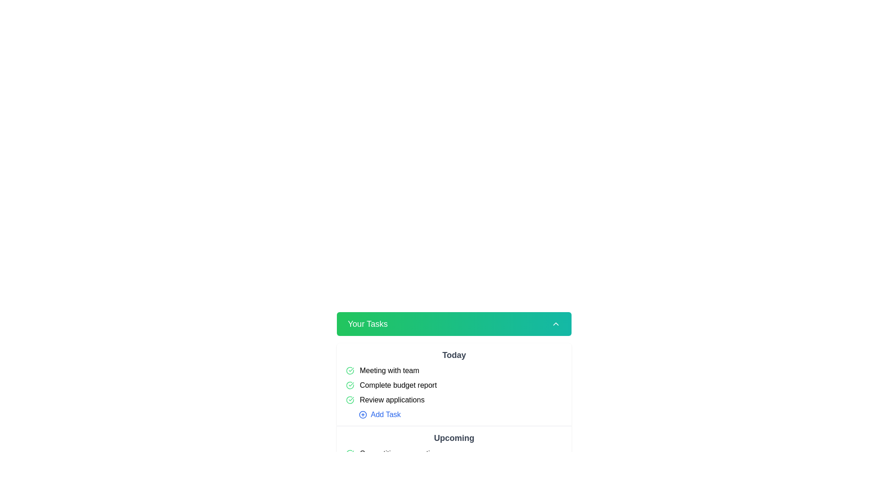 This screenshot has width=880, height=495. Describe the element at coordinates (454, 438) in the screenshot. I see `the Text Label that serves as a section header for upcoming tasks, positioned at the bottom of the 'Today' list section` at that location.